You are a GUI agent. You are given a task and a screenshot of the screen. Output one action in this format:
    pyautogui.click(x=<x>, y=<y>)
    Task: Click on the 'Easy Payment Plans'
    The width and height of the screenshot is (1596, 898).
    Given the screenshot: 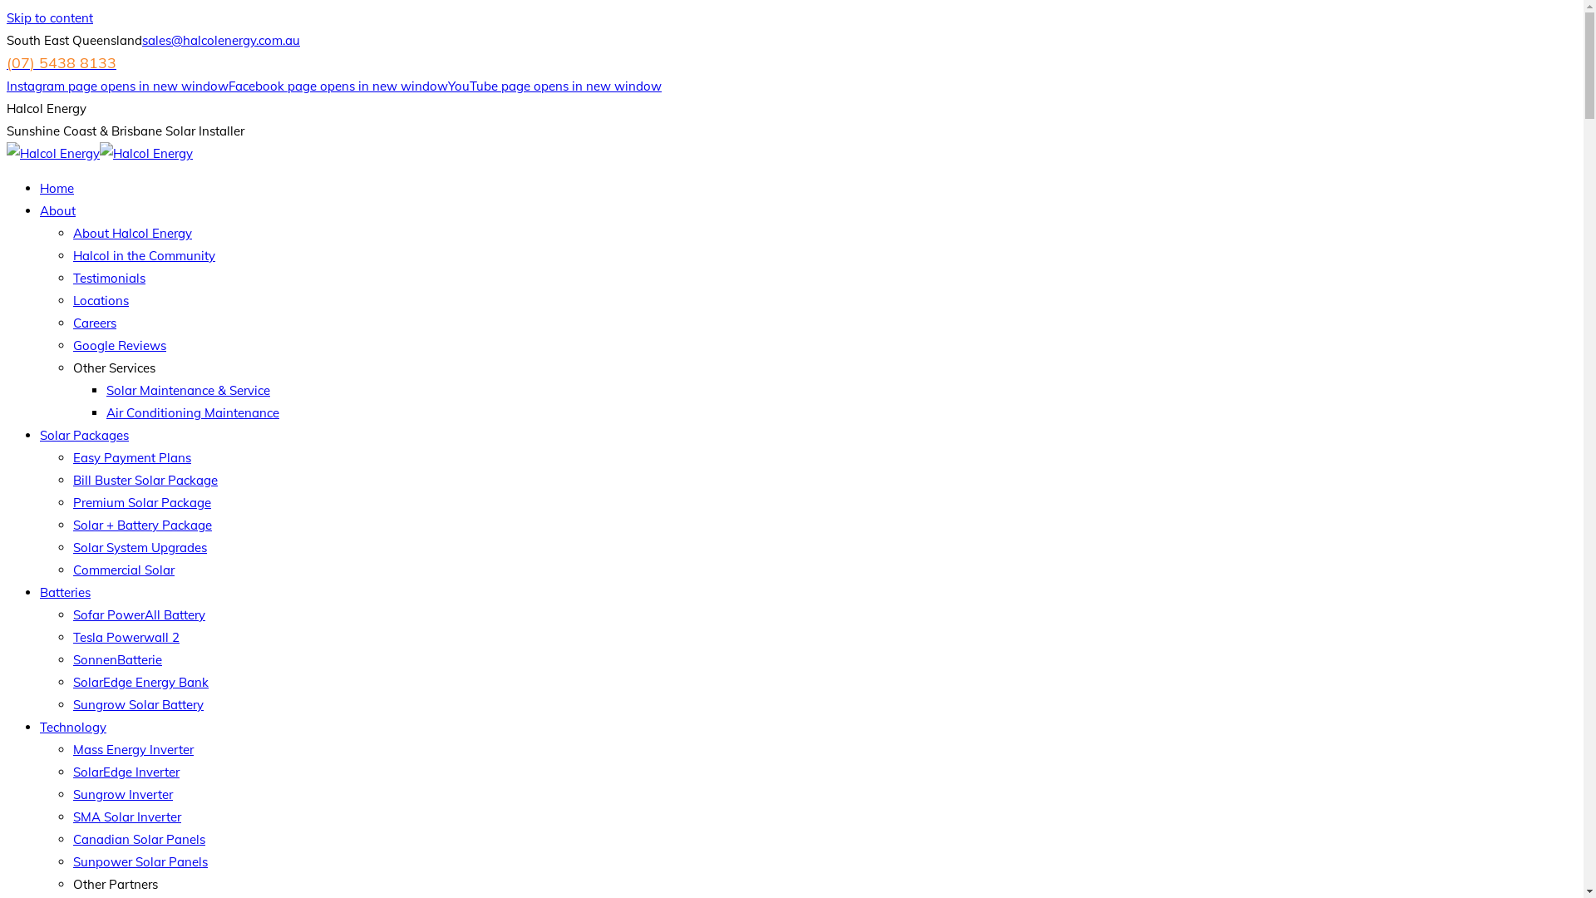 What is the action you would take?
    pyautogui.click(x=131, y=457)
    